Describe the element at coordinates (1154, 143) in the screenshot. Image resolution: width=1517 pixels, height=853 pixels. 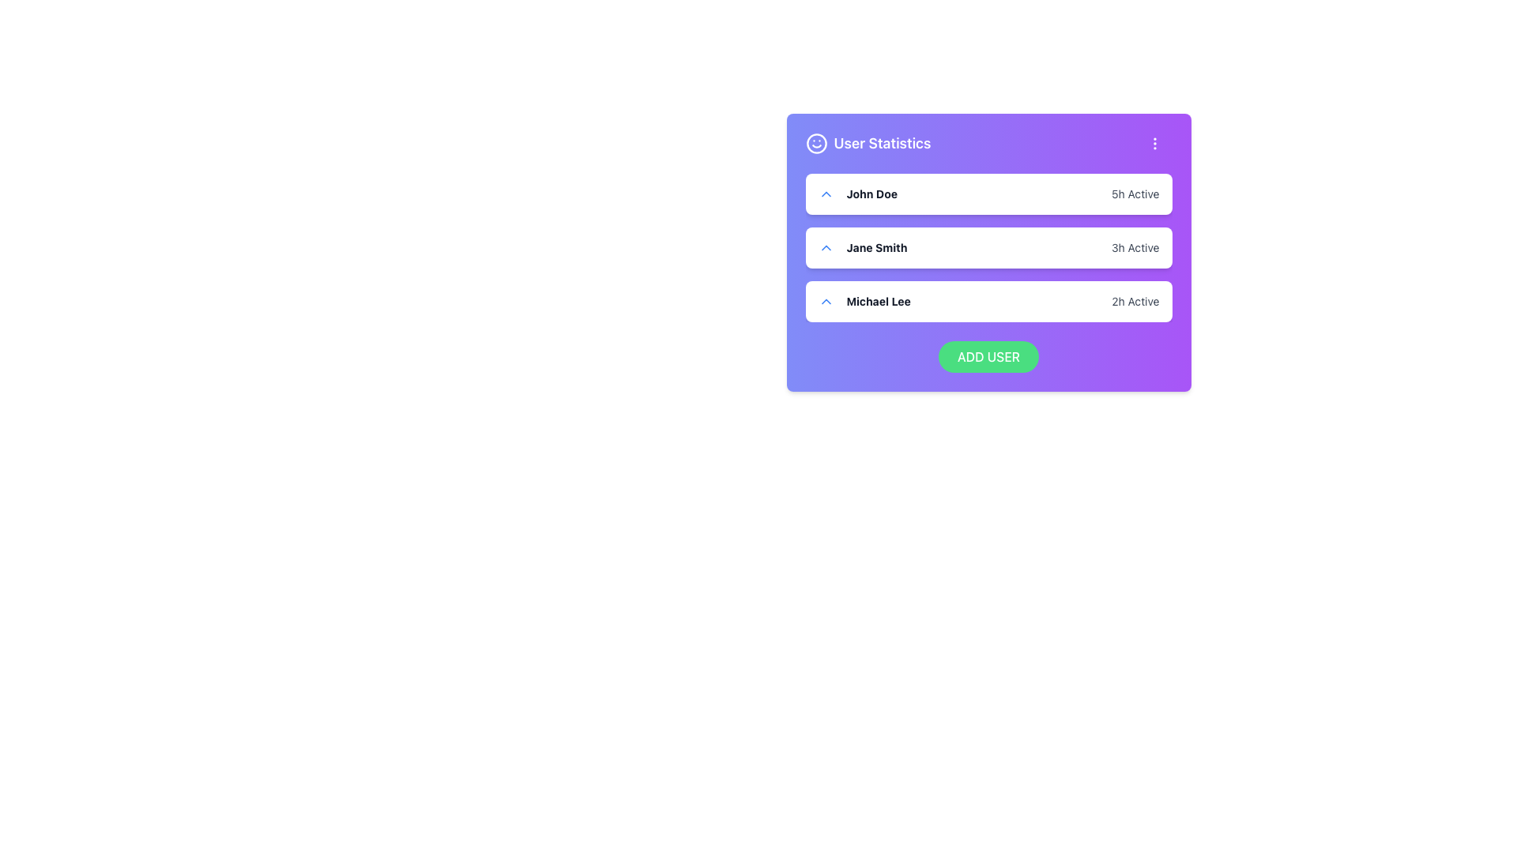
I see `the vertical ellipsis icon located` at that location.